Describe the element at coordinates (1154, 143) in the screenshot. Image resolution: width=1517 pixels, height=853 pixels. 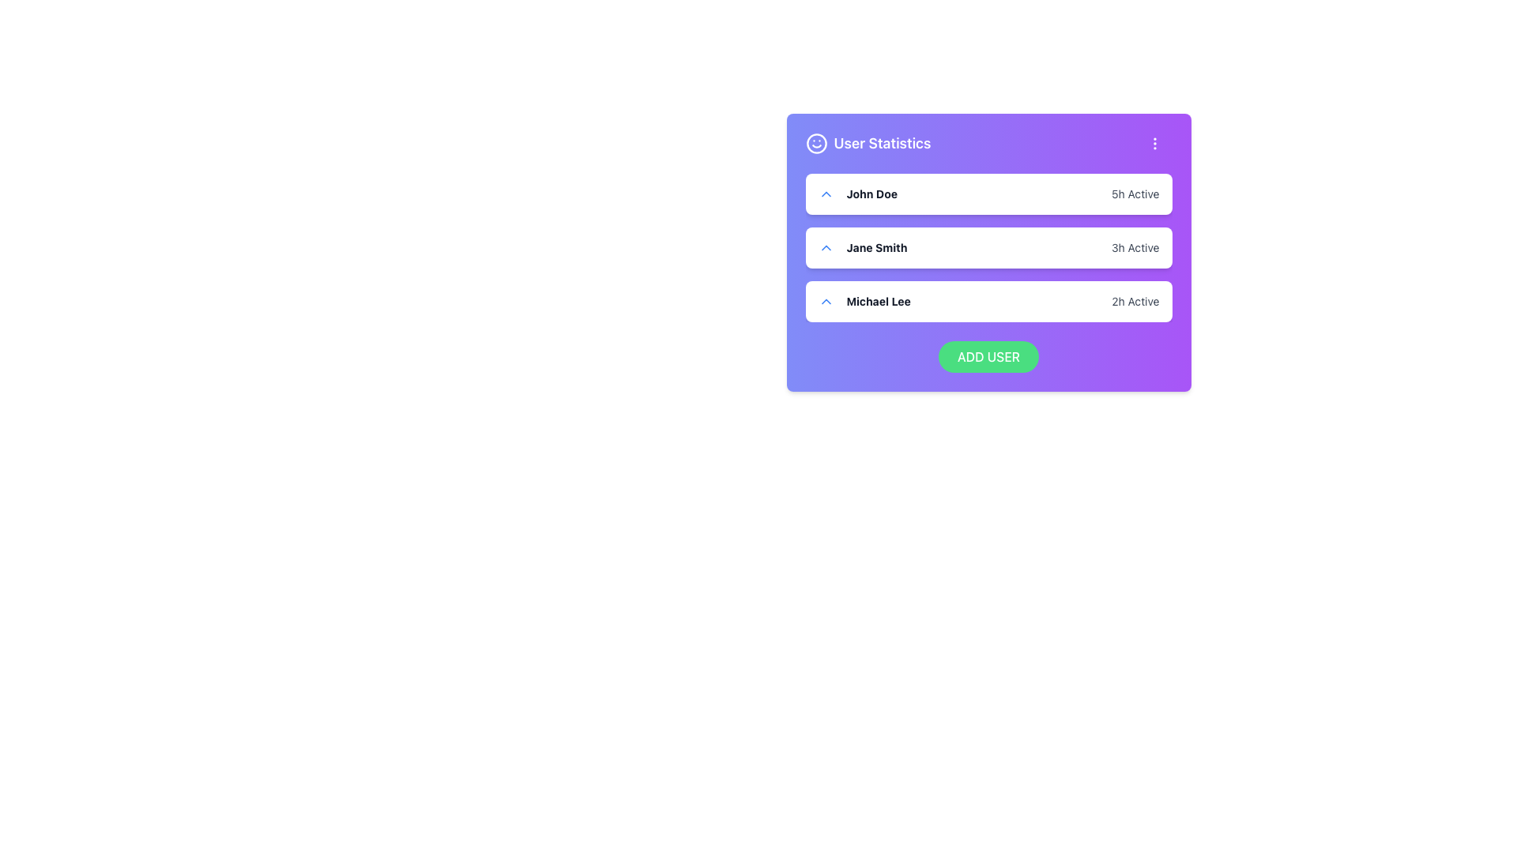
I see `the vertical ellipsis icon located` at that location.